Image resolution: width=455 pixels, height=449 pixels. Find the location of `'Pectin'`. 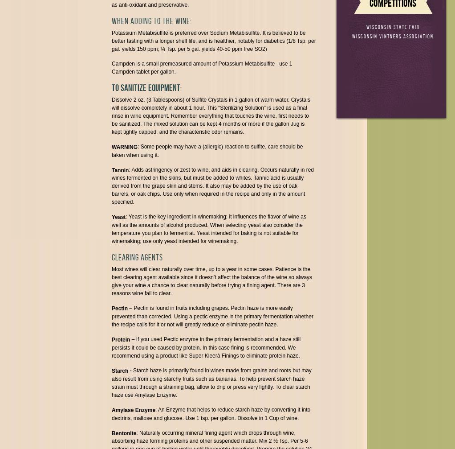

'Pectin' is located at coordinates (119, 308).